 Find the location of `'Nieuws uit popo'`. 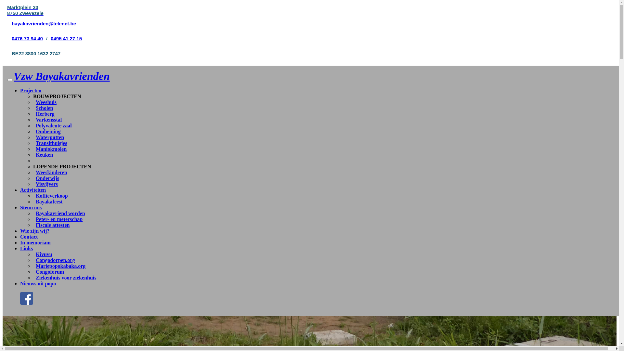

'Nieuws uit popo' is located at coordinates (37, 283).